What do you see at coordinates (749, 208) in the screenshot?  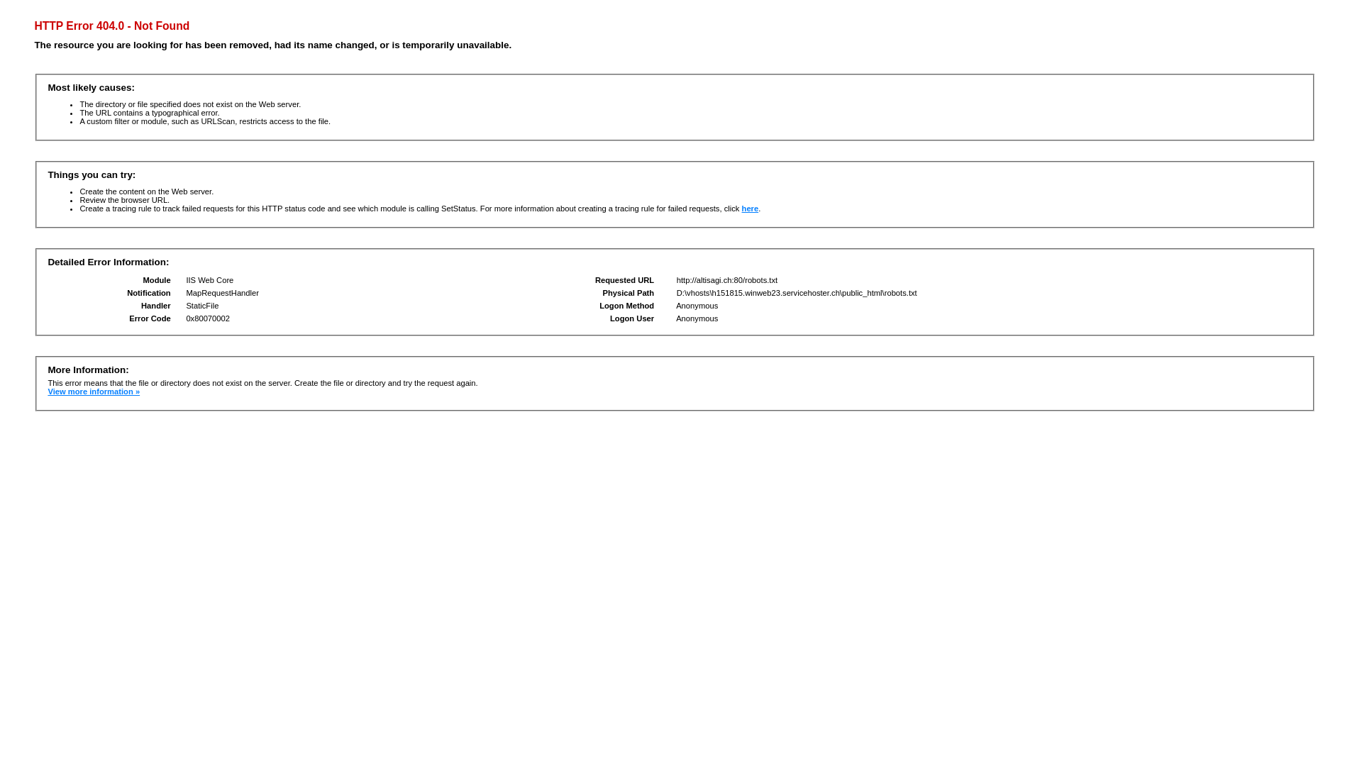 I see `'here'` at bounding box center [749, 208].